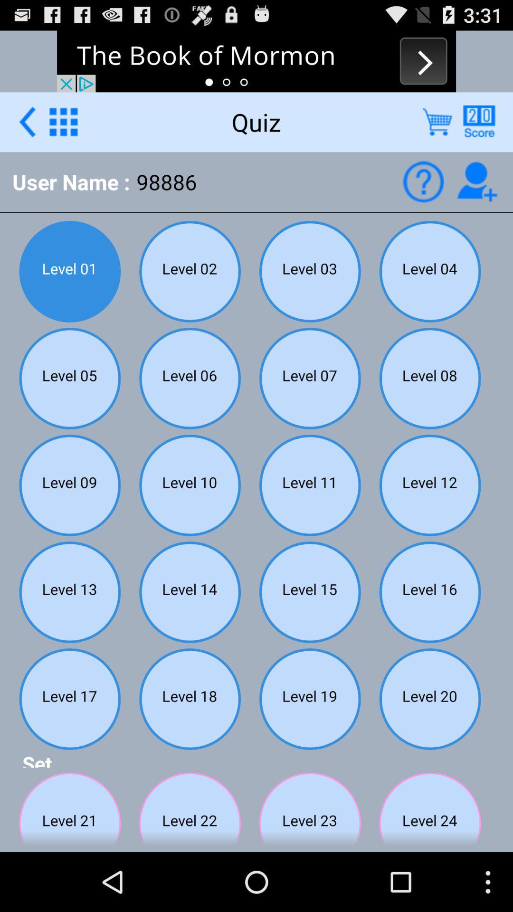 The width and height of the screenshot is (513, 912). Describe the element at coordinates (422, 181) in the screenshot. I see `click help button` at that location.